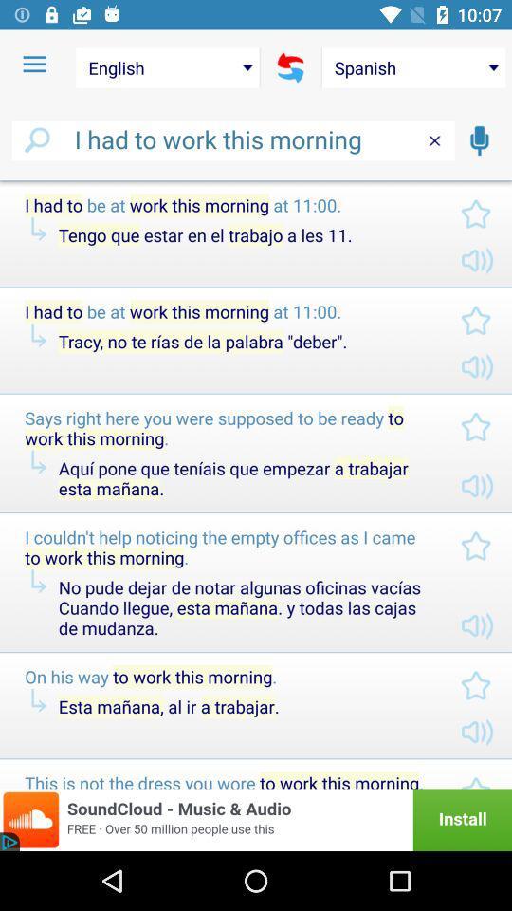 Image resolution: width=512 pixels, height=911 pixels. Describe the element at coordinates (34, 65) in the screenshot. I see `item to the left of english item` at that location.